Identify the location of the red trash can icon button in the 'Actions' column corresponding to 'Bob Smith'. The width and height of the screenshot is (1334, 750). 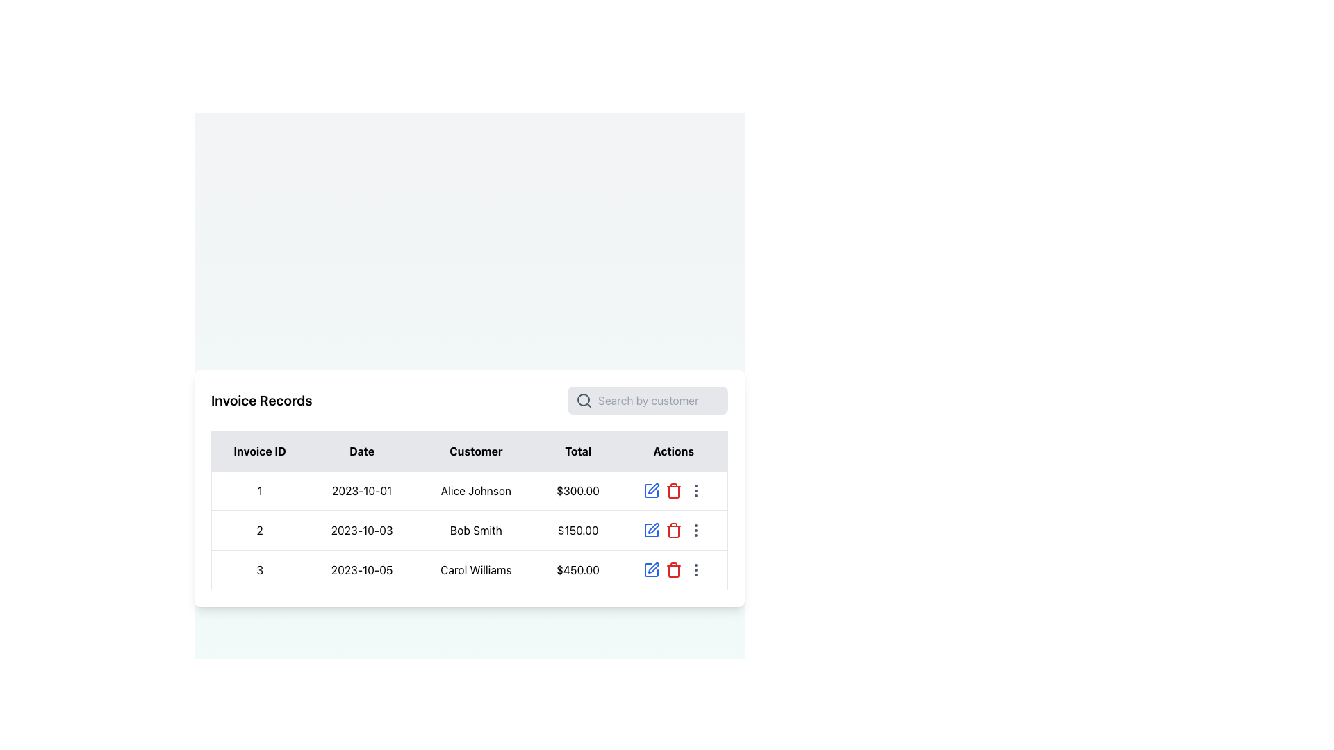
(673, 530).